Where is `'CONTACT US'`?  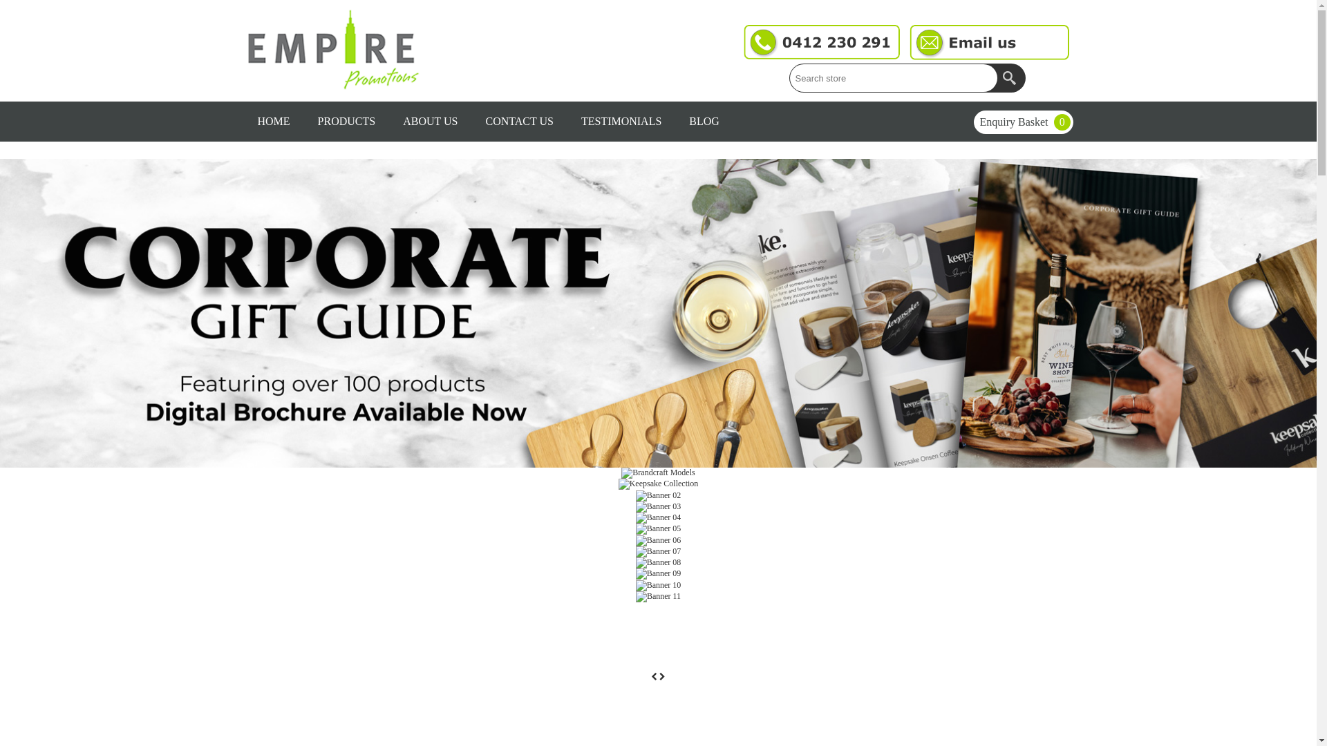
'CONTACT US' is located at coordinates (518, 121).